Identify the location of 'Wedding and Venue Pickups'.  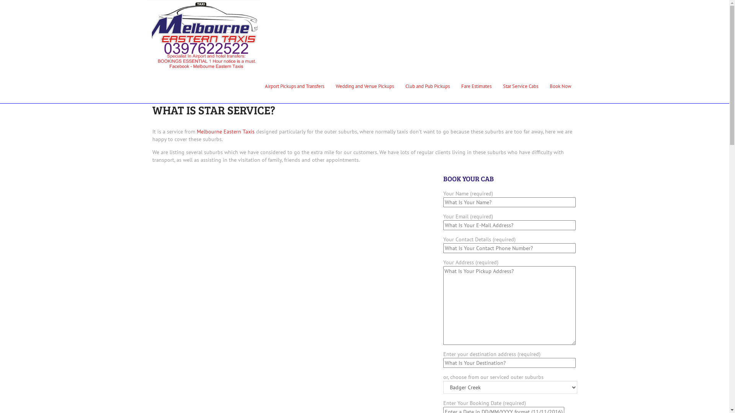
(330, 86).